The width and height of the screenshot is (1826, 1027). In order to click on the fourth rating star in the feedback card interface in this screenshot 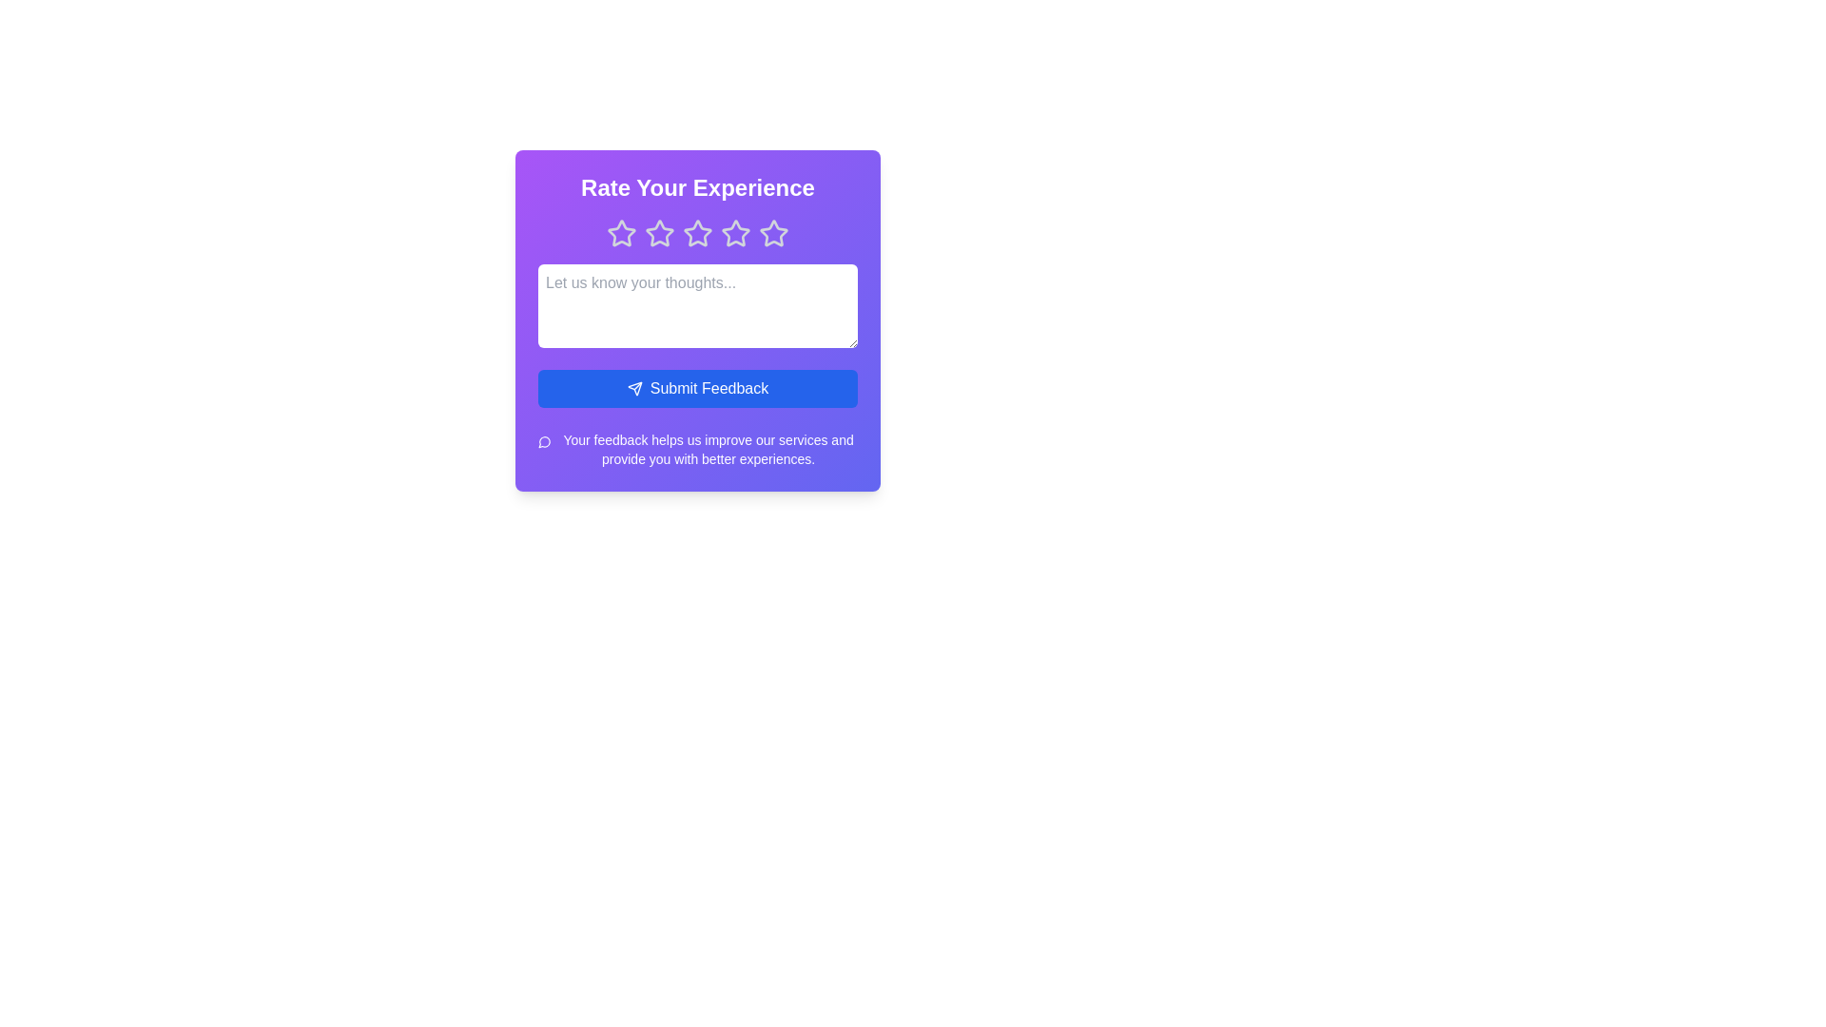, I will do `click(734, 233)`.